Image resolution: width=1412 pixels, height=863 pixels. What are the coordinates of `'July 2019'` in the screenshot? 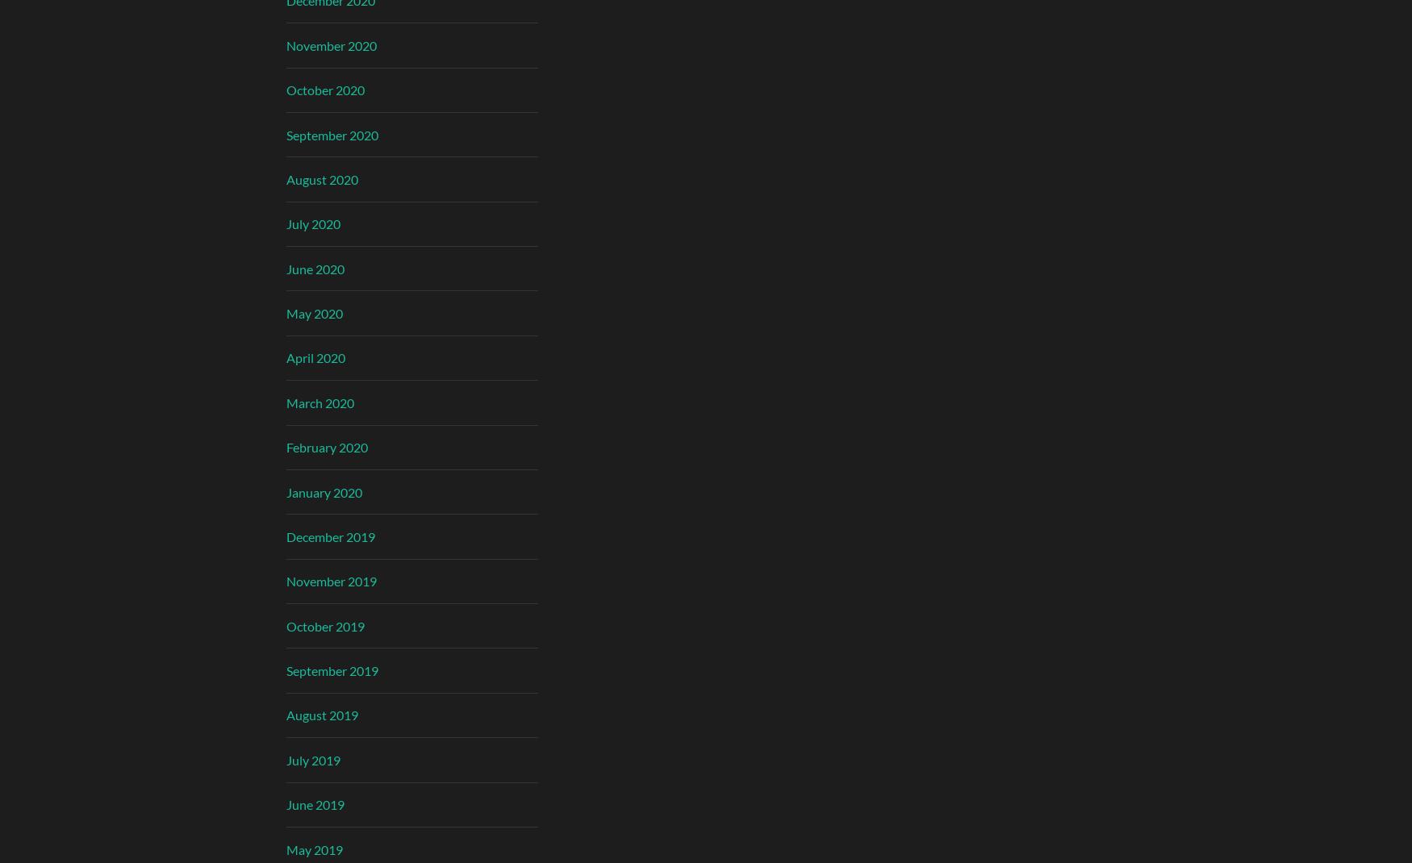 It's located at (312, 758).